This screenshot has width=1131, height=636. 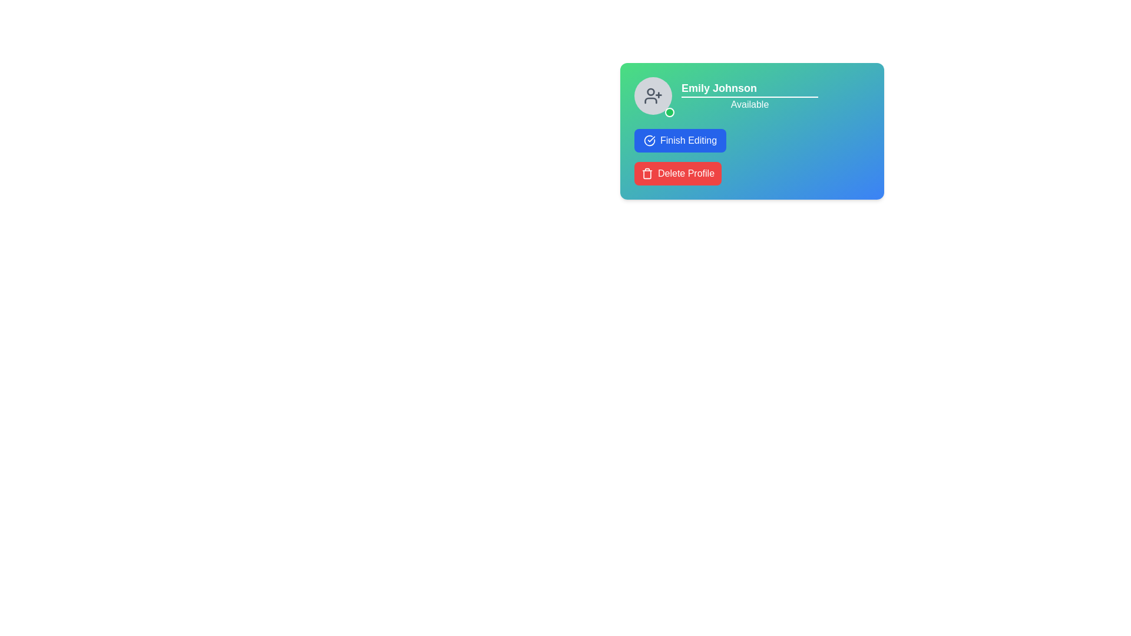 I want to click on the bottom curved segment of the user profile picture icon, which is part of an SVG graphic with the class 'lucide lucide-user-plus text-gray-600', so click(x=650, y=100).